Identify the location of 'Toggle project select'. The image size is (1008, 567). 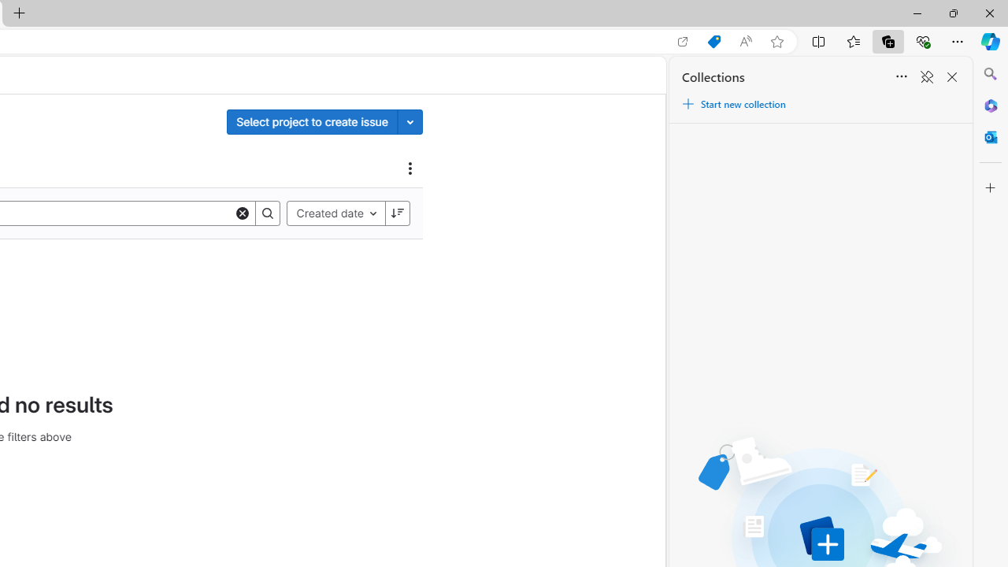
(410, 120).